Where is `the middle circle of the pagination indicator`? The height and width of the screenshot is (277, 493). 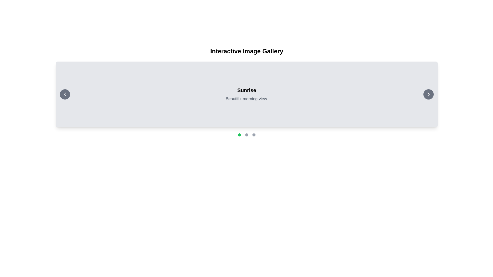 the middle circle of the pagination indicator is located at coordinates (246, 134).